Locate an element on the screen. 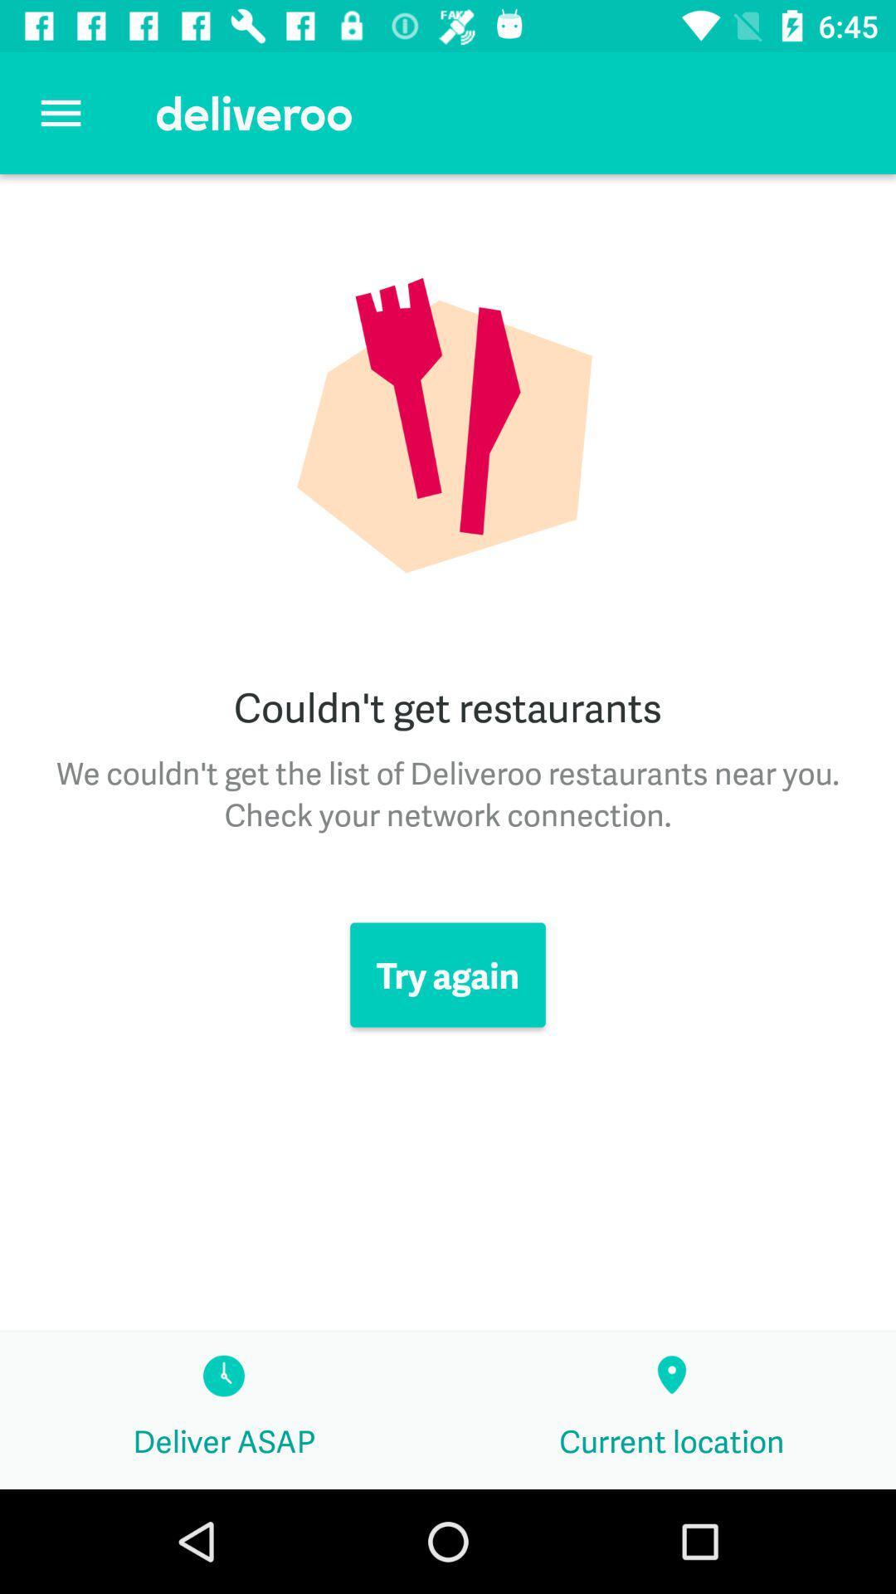 The image size is (896, 1594). item below try again item is located at coordinates (672, 1410).